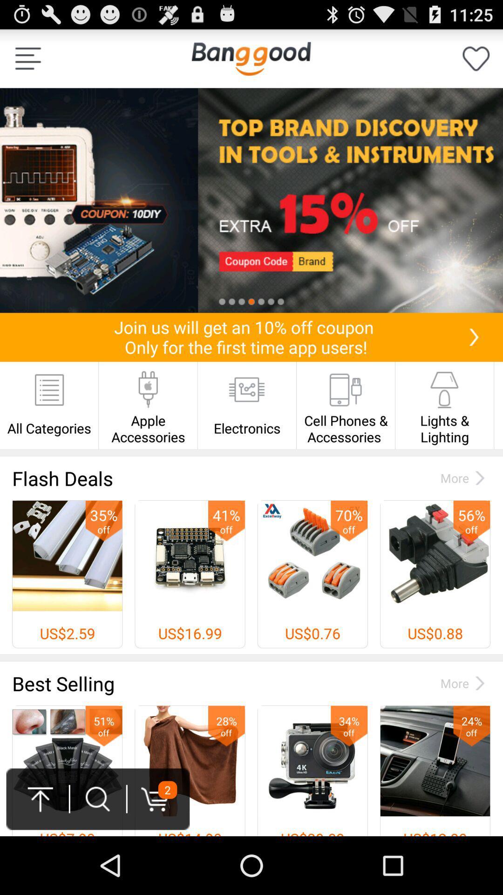 This screenshot has height=895, width=503. Describe the element at coordinates (476, 62) in the screenshot. I see `the favorite icon` at that location.